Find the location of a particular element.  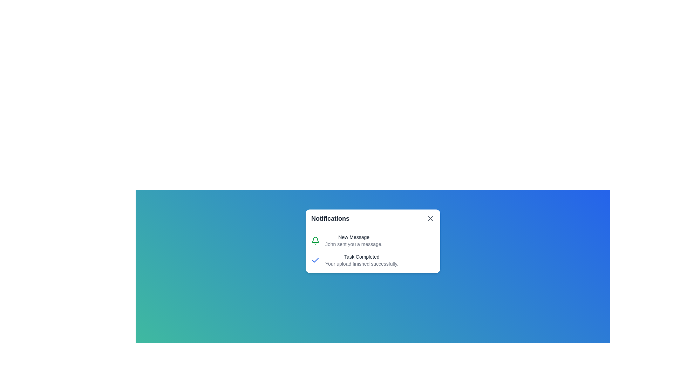

the notification status by interacting with the bell icon, which signifies alerts related to messages, positioned next to the 'New Message' section is located at coordinates (315, 240).